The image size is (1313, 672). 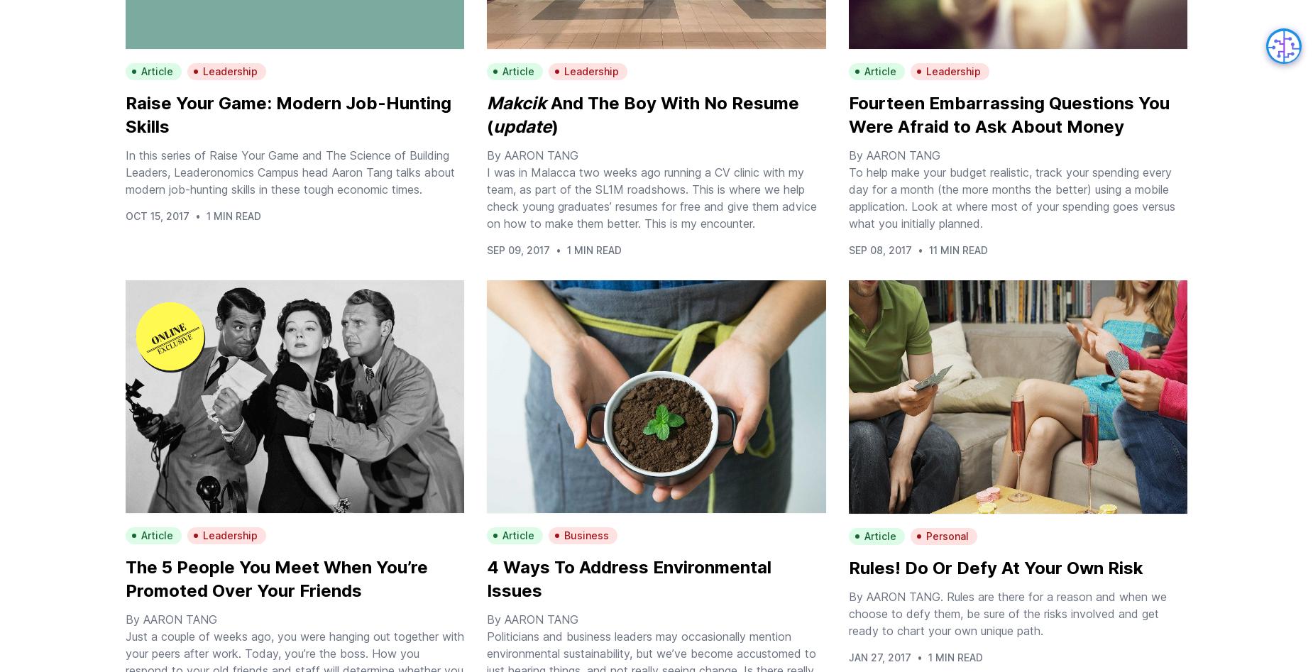 What do you see at coordinates (878, 656) in the screenshot?
I see `'Jan 27, 2017'` at bounding box center [878, 656].